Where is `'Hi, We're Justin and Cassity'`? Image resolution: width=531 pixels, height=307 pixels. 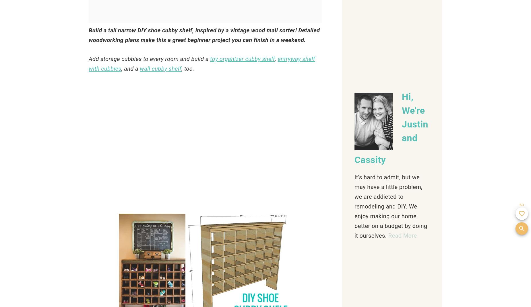 'Hi, We're Justin and Cassity' is located at coordinates (391, 128).